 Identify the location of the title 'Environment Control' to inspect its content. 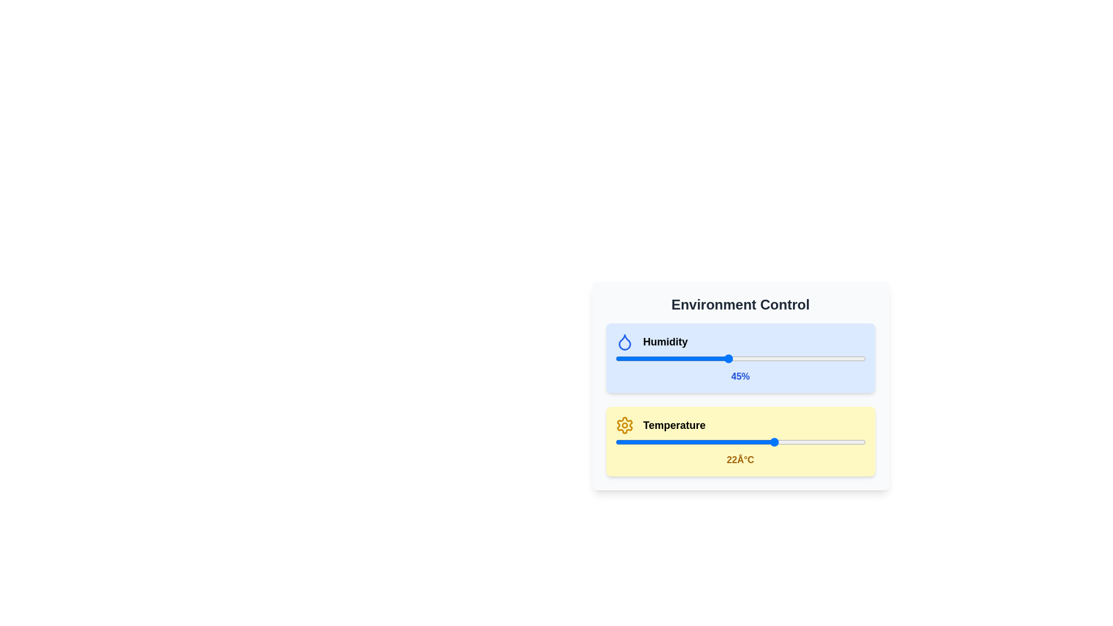
(740, 304).